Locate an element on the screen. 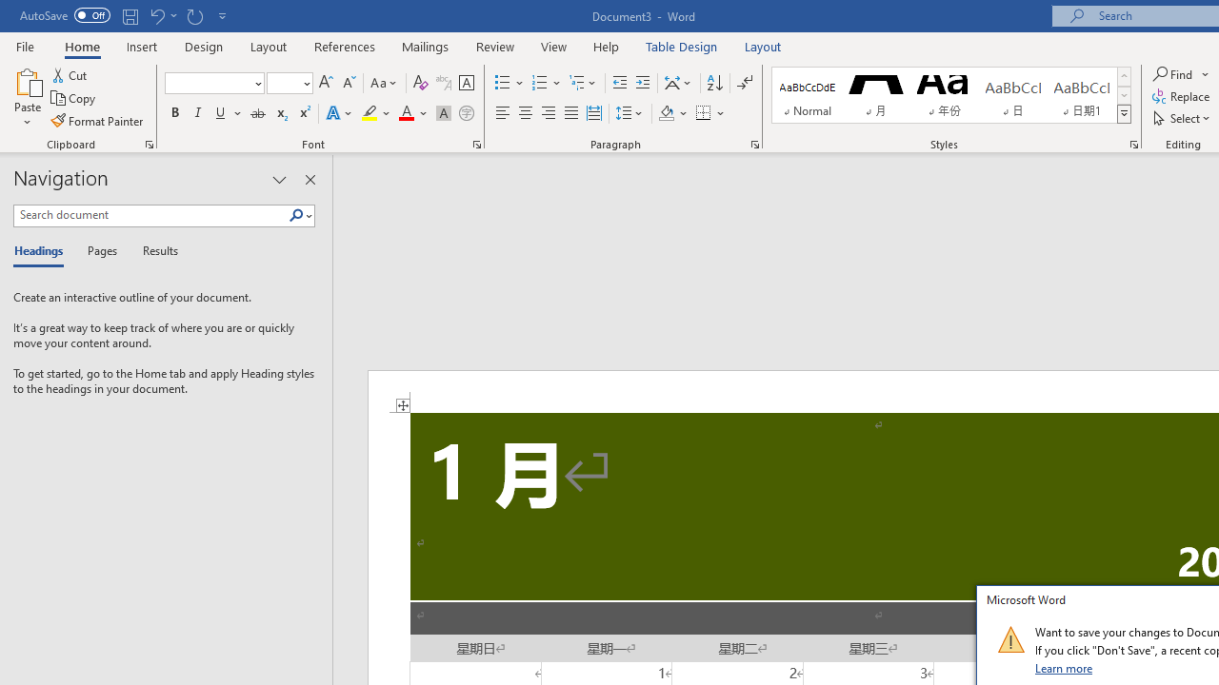  'Layout' is located at coordinates (763, 46).